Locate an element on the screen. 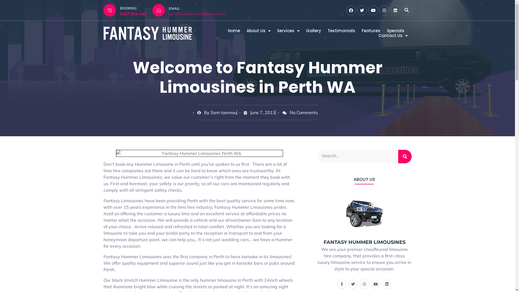 This screenshot has width=519, height=292. 'sam@fantasyhummerlimos.com.au' is located at coordinates (197, 13).